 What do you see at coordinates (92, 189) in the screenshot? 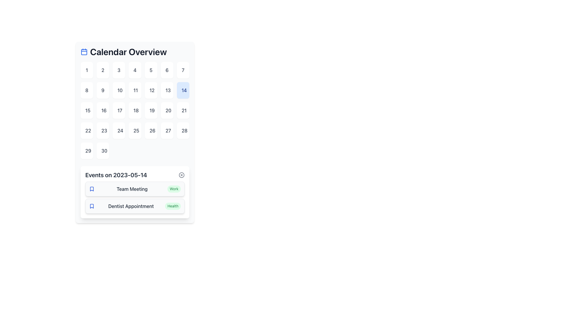
I see `the blue bookmark icon located before the 'Team Meeting' text in the event entry` at bounding box center [92, 189].